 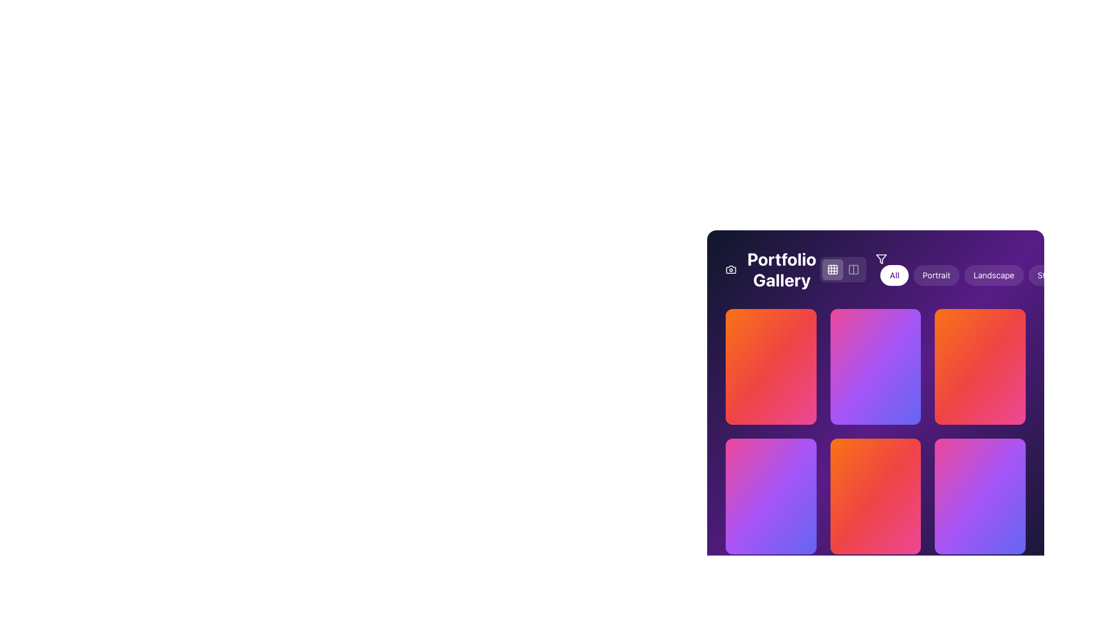 I want to click on the fifth tile in the gallery, which features a gradient background transitioning from orange to purple, so click(x=876, y=431).